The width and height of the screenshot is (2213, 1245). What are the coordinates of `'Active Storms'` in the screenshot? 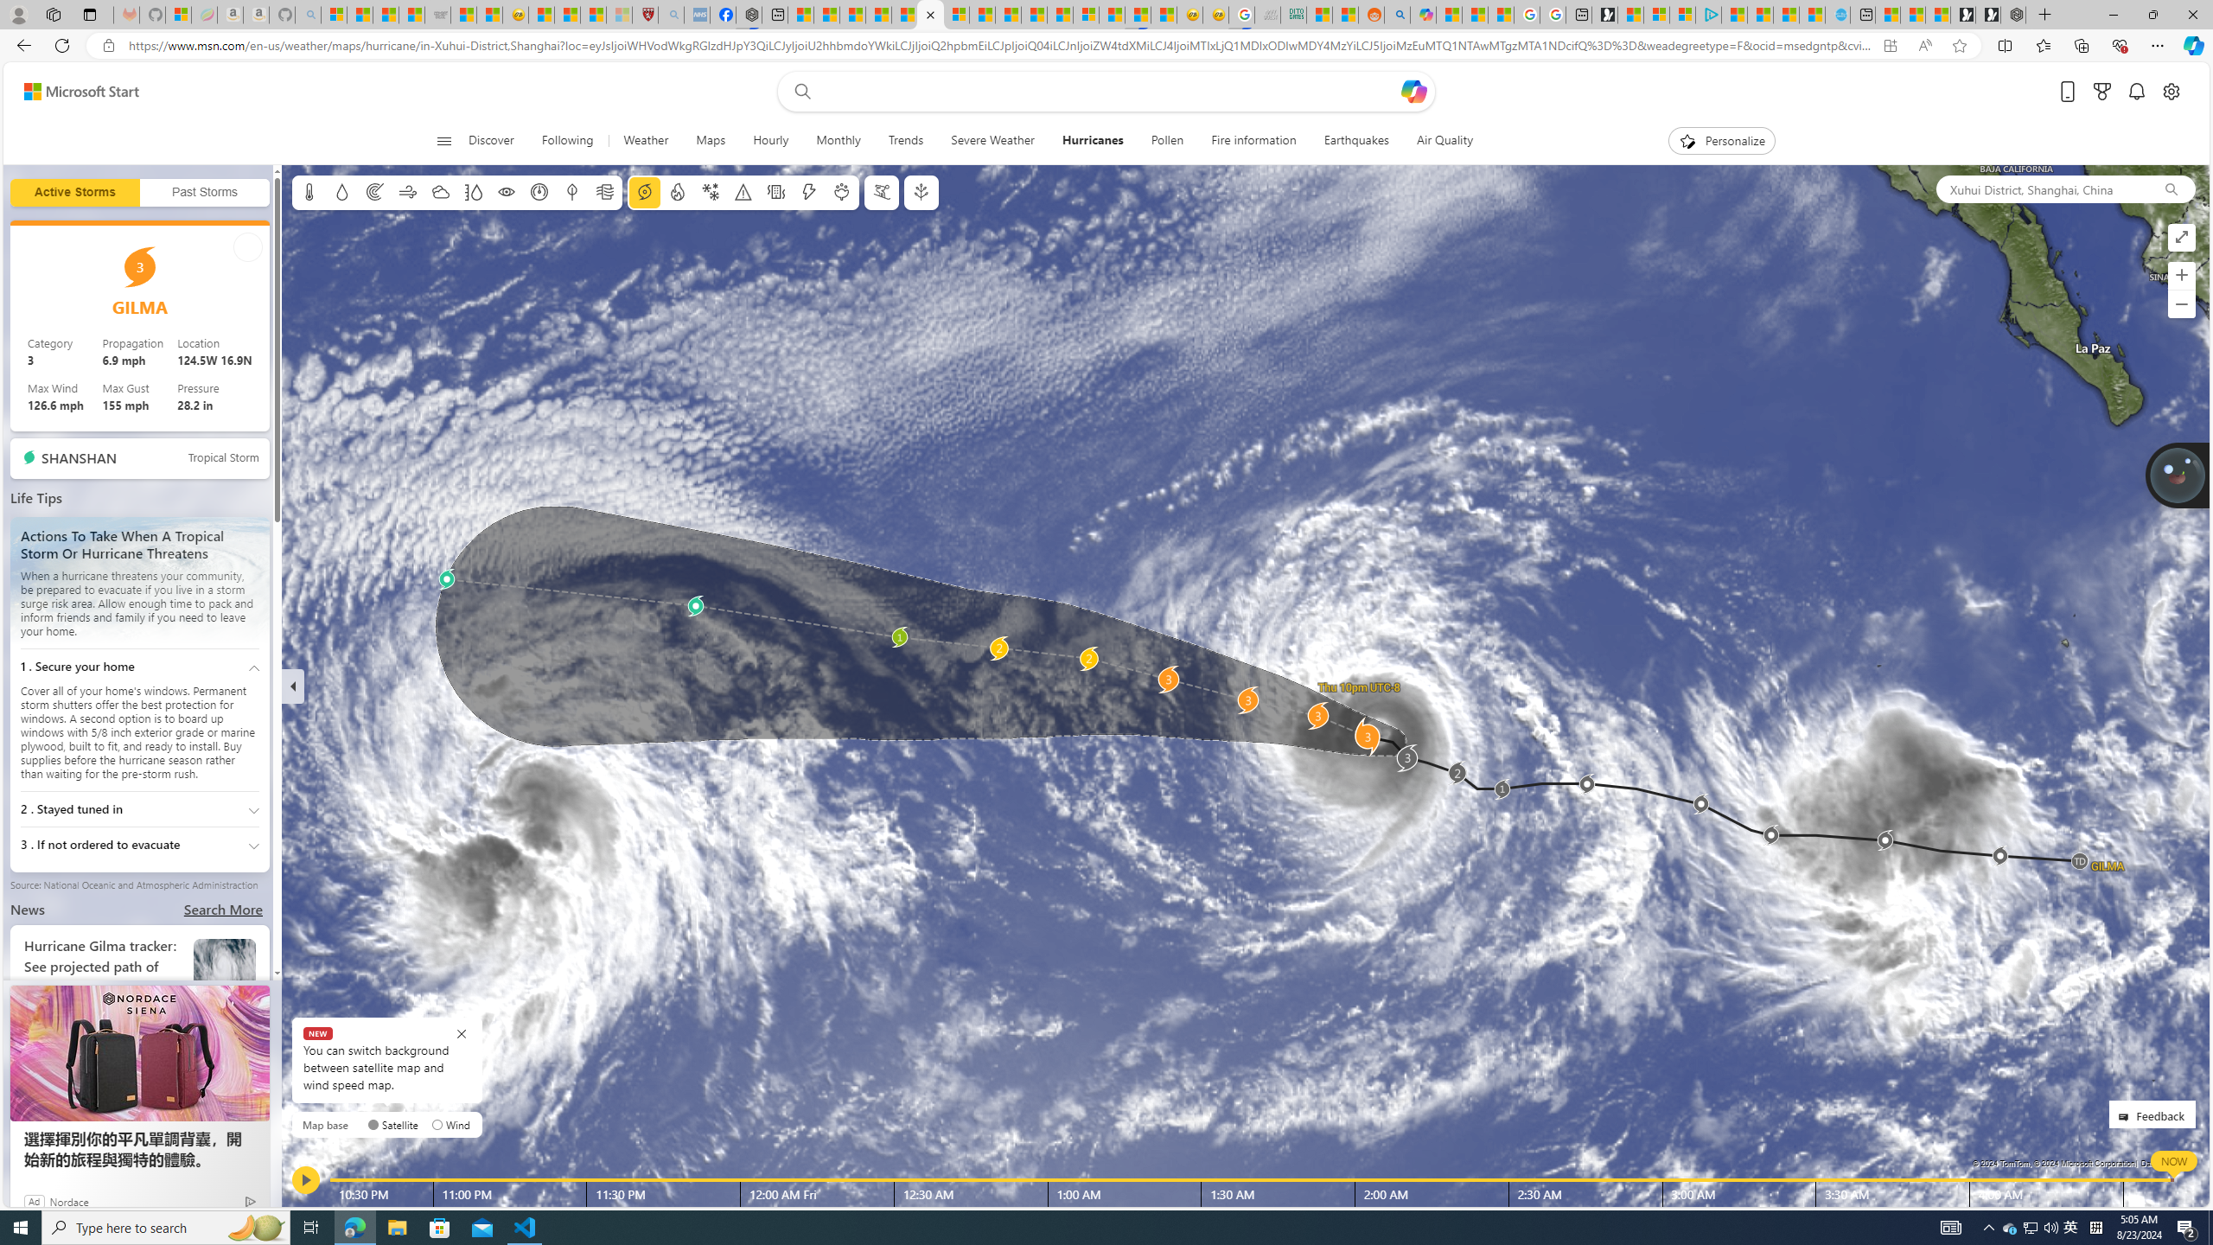 It's located at (74, 192).